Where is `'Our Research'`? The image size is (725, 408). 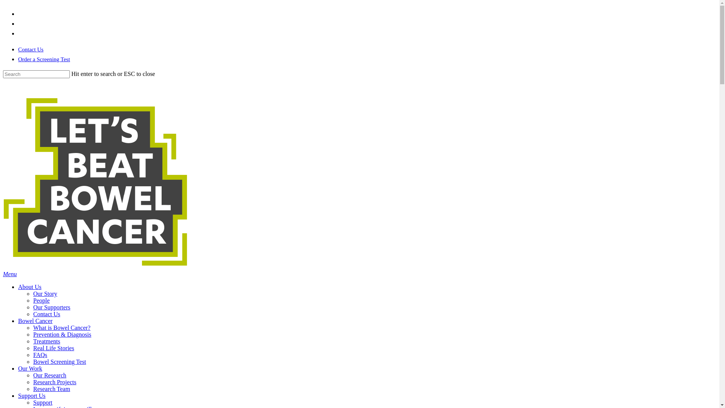 'Our Research' is located at coordinates (49, 375).